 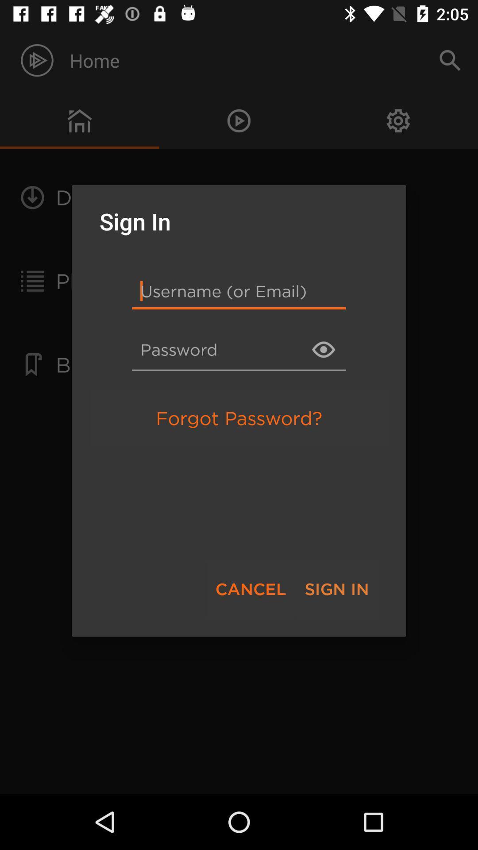 What do you see at coordinates (251, 589) in the screenshot?
I see `the cancel` at bounding box center [251, 589].